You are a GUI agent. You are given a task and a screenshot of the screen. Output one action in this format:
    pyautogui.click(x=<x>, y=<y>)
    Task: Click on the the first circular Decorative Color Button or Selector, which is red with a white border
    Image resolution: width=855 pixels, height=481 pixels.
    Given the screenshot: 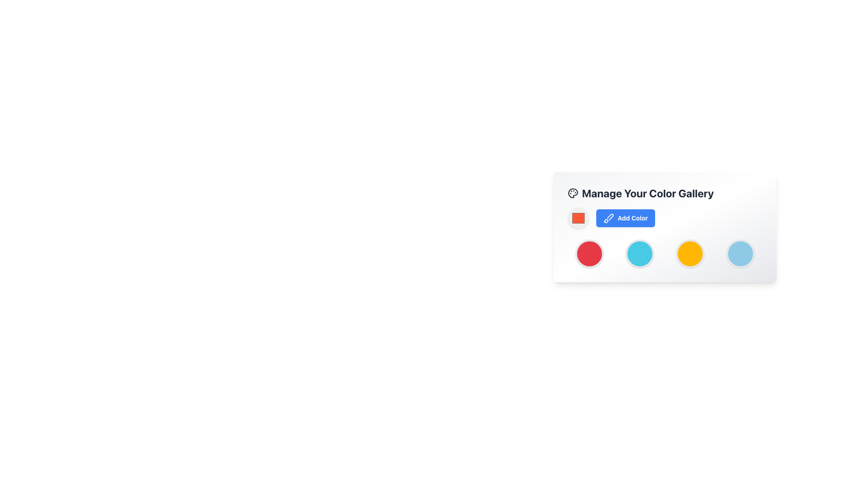 What is the action you would take?
    pyautogui.click(x=589, y=254)
    